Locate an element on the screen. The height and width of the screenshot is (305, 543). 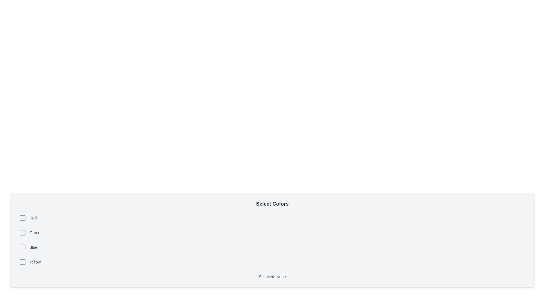
the checkbox located to the left of the text label 'Red' is located at coordinates (23, 217).